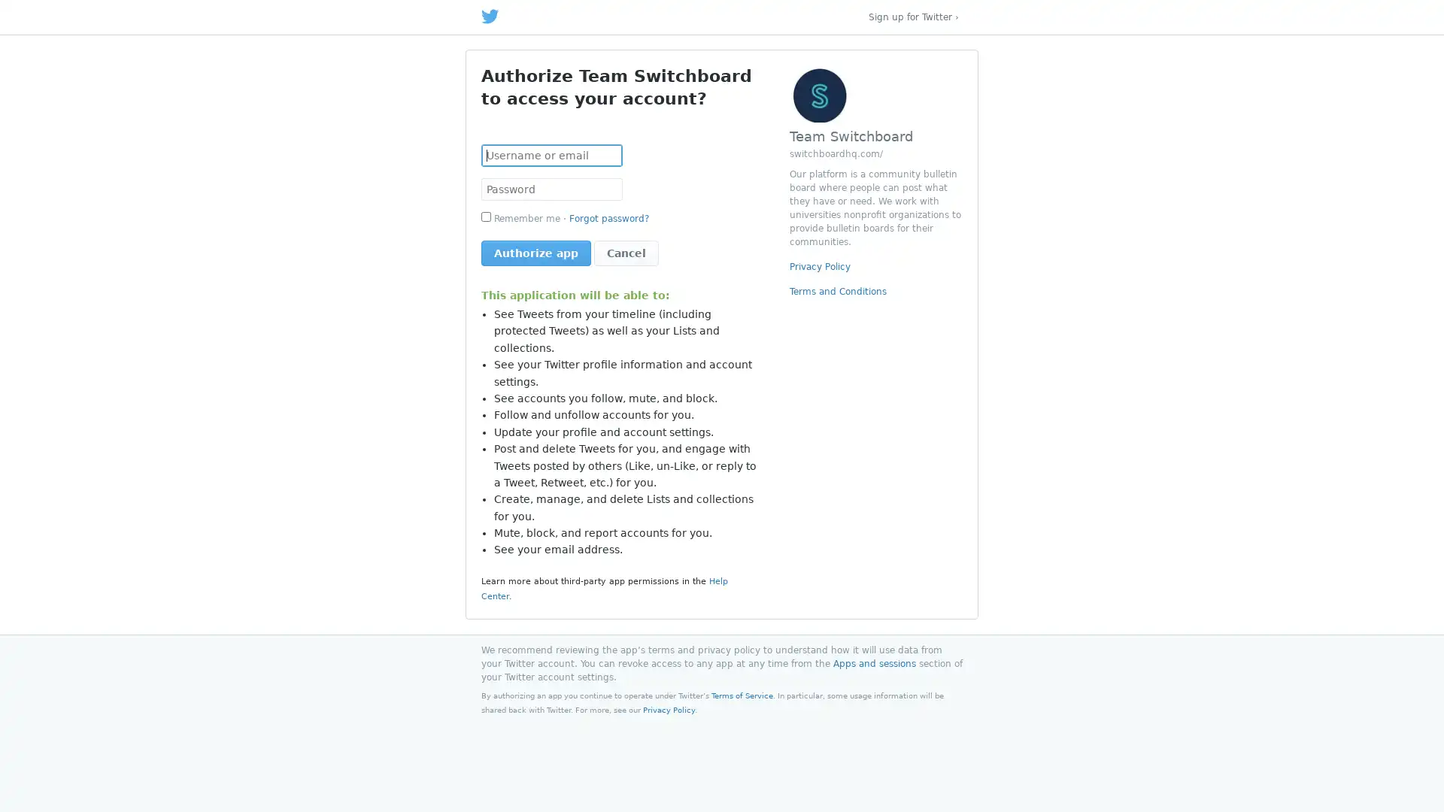  Describe the element at coordinates (626, 252) in the screenshot. I see `Cancel` at that location.